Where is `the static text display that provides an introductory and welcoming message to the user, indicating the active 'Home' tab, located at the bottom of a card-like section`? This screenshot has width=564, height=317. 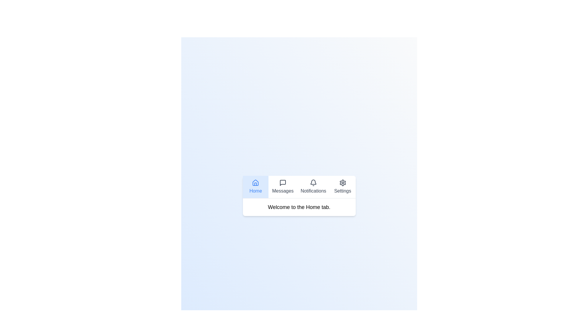
the static text display that provides an introductory and welcoming message to the user, indicating the active 'Home' tab, located at the bottom of a card-like section is located at coordinates (299, 207).